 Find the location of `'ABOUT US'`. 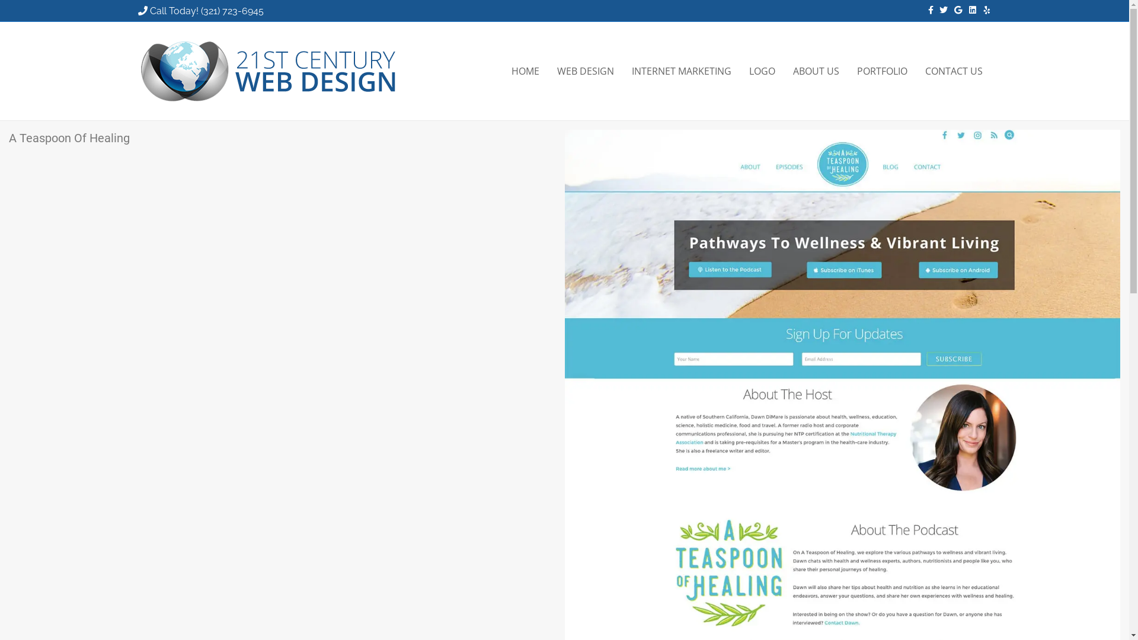

'ABOUT US' is located at coordinates (815, 71).